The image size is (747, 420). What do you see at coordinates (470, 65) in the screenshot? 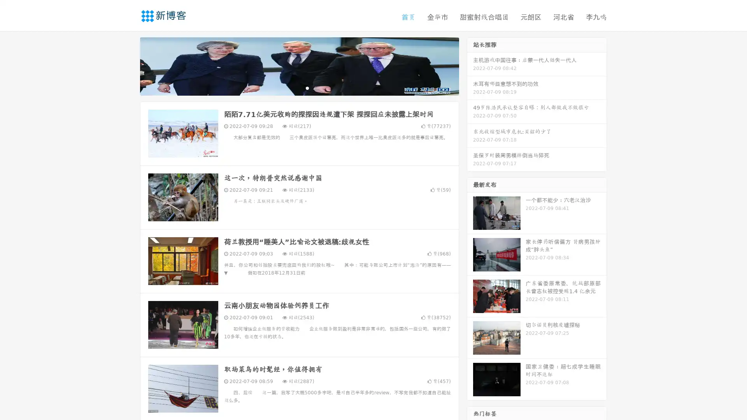
I see `Next slide` at bounding box center [470, 65].